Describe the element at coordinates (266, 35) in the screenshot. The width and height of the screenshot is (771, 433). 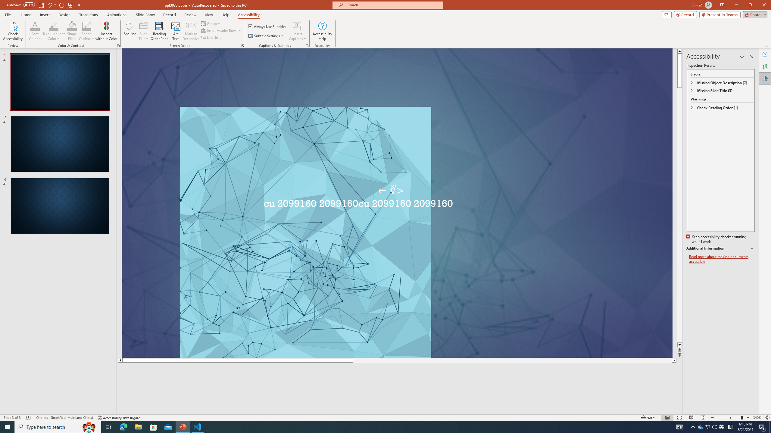
I see `'Subtitle Settings'` at that location.